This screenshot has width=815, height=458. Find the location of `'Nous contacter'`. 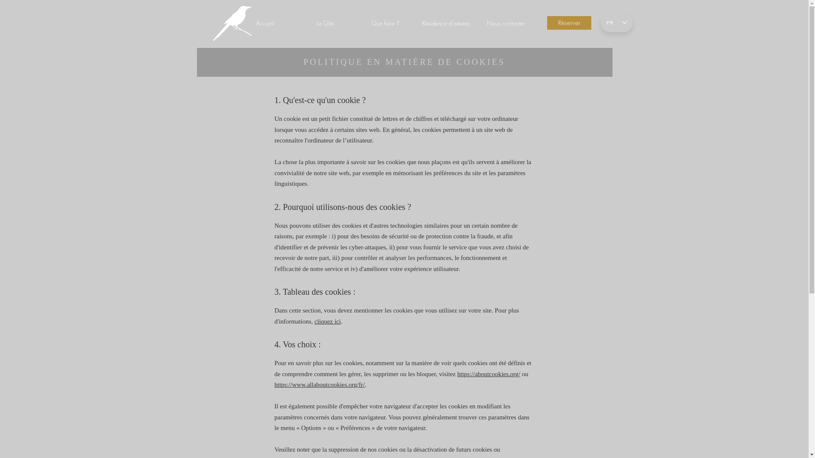

'Nous contacter' is located at coordinates (505, 22).